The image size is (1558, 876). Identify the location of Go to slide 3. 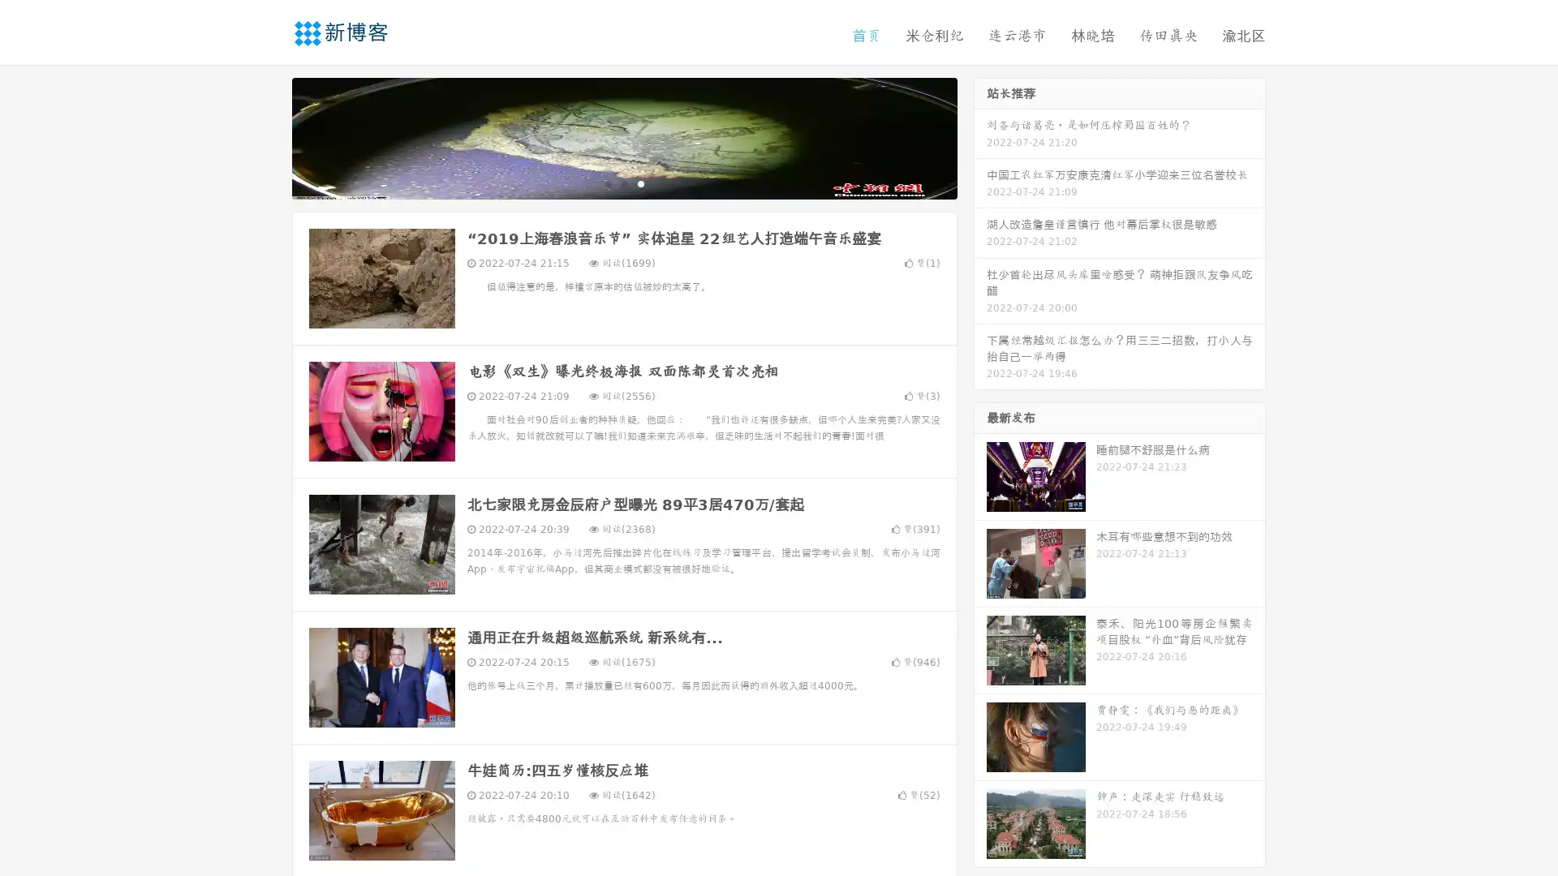
(640, 182).